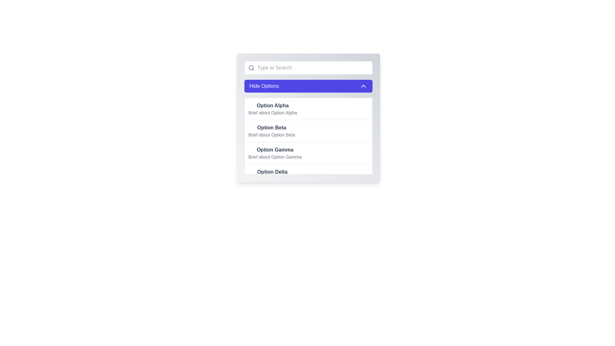  I want to click on the 'Option Alpha' menu item located directly below the 'Hide Options' bar, so click(308, 108).